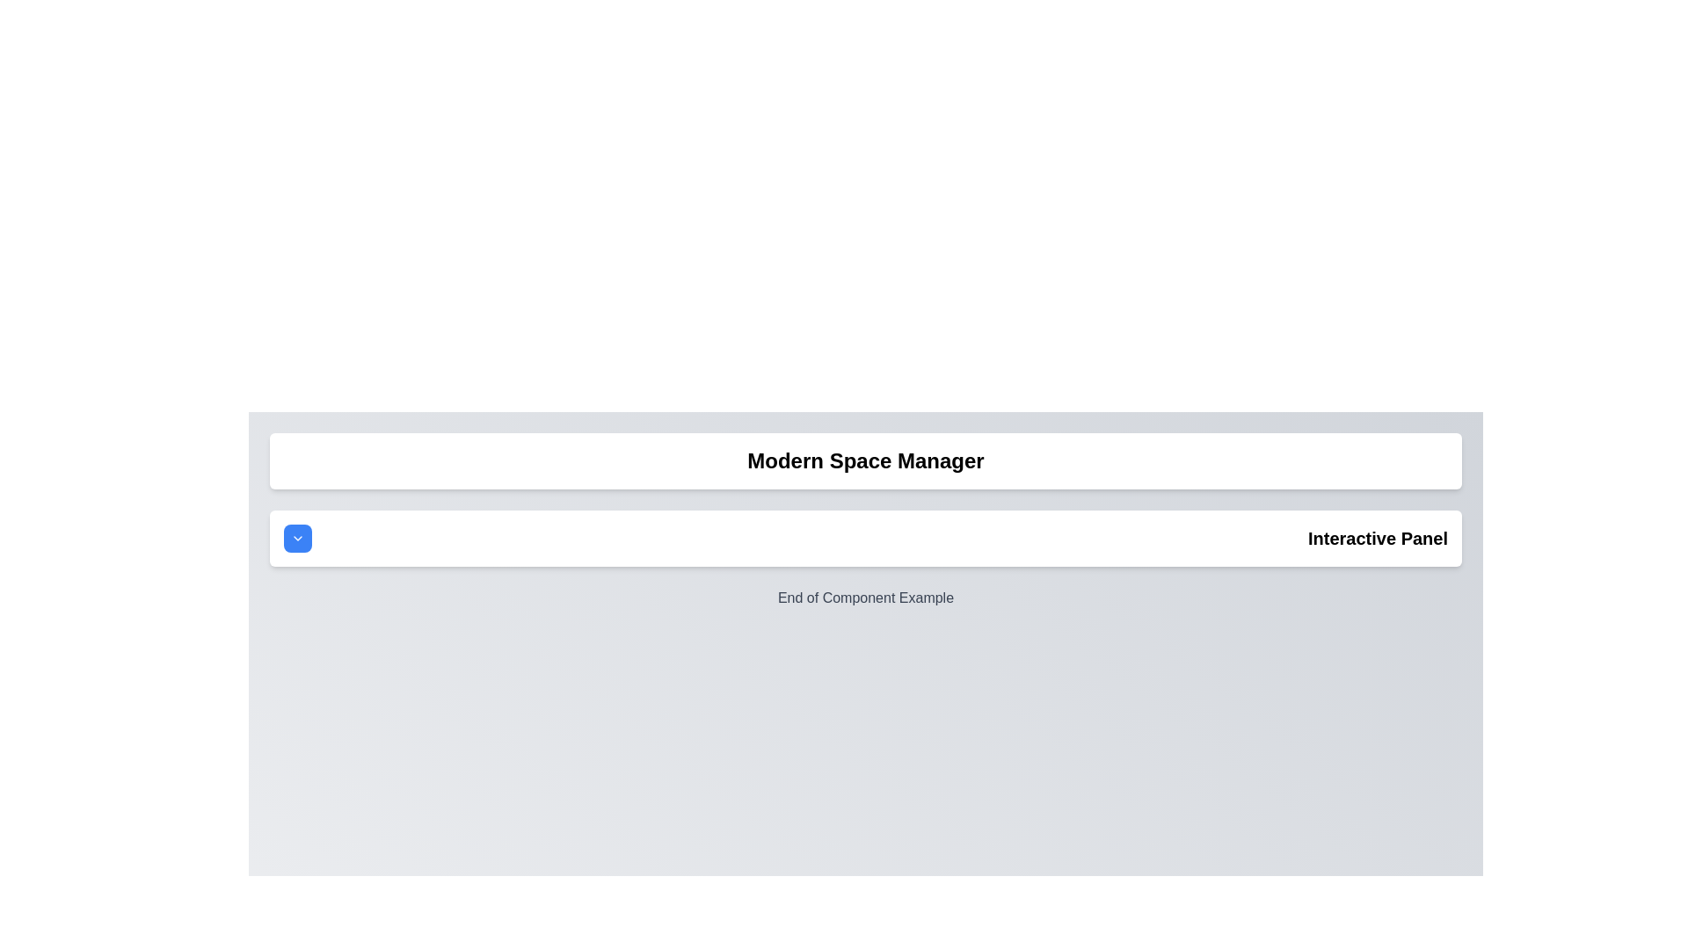 Image resolution: width=1688 pixels, height=949 pixels. What do you see at coordinates (865, 460) in the screenshot?
I see `the Label (text display) that serves as the title or header for the section, positioned above the 'Interactive Panel'` at bounding box center [865, 460].